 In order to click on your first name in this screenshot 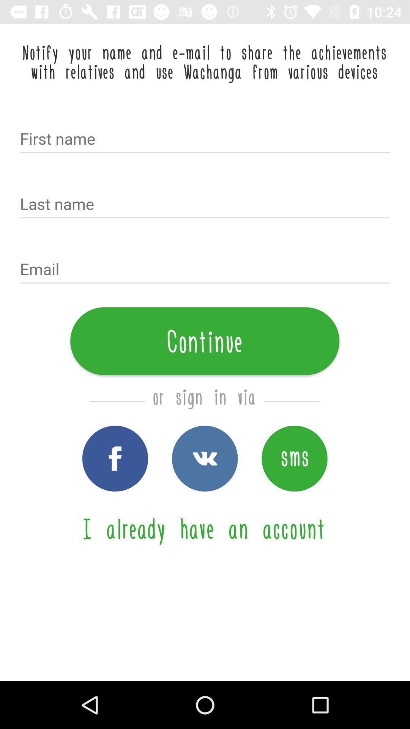, I will do `click(205, 139)`.